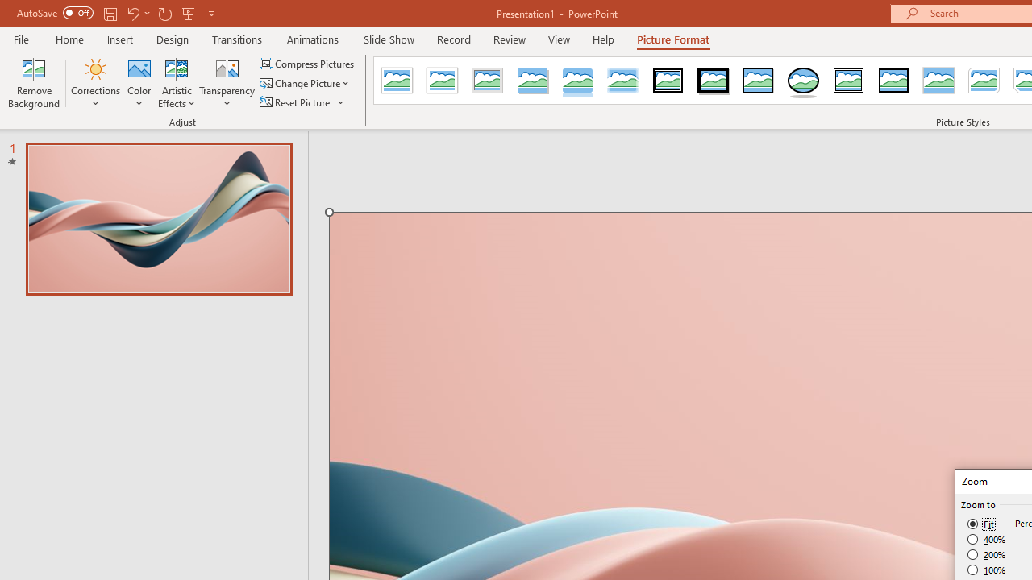 The image size is (1032, 580). Describe the element at coordinates (713, 81) in the screenshot. I see `'Thick Matte, Black'` at that location.